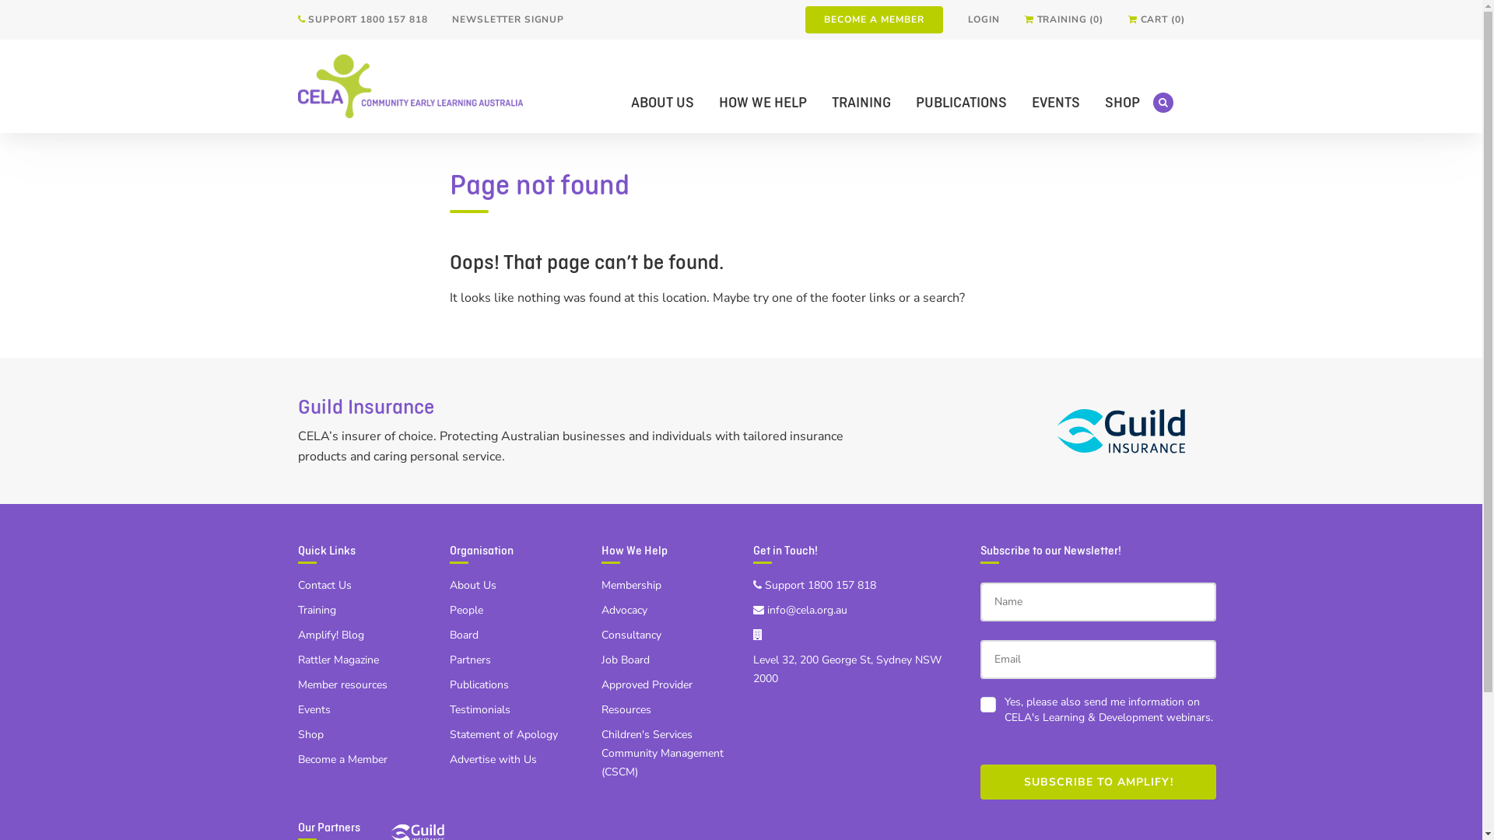 Image resolution: width=1494 pixels, height=840 pixels. What do you see at coordinates (336, 660) in the screenshot?
I see `'Rattler Magazine'` at bounding box center [336, 660].